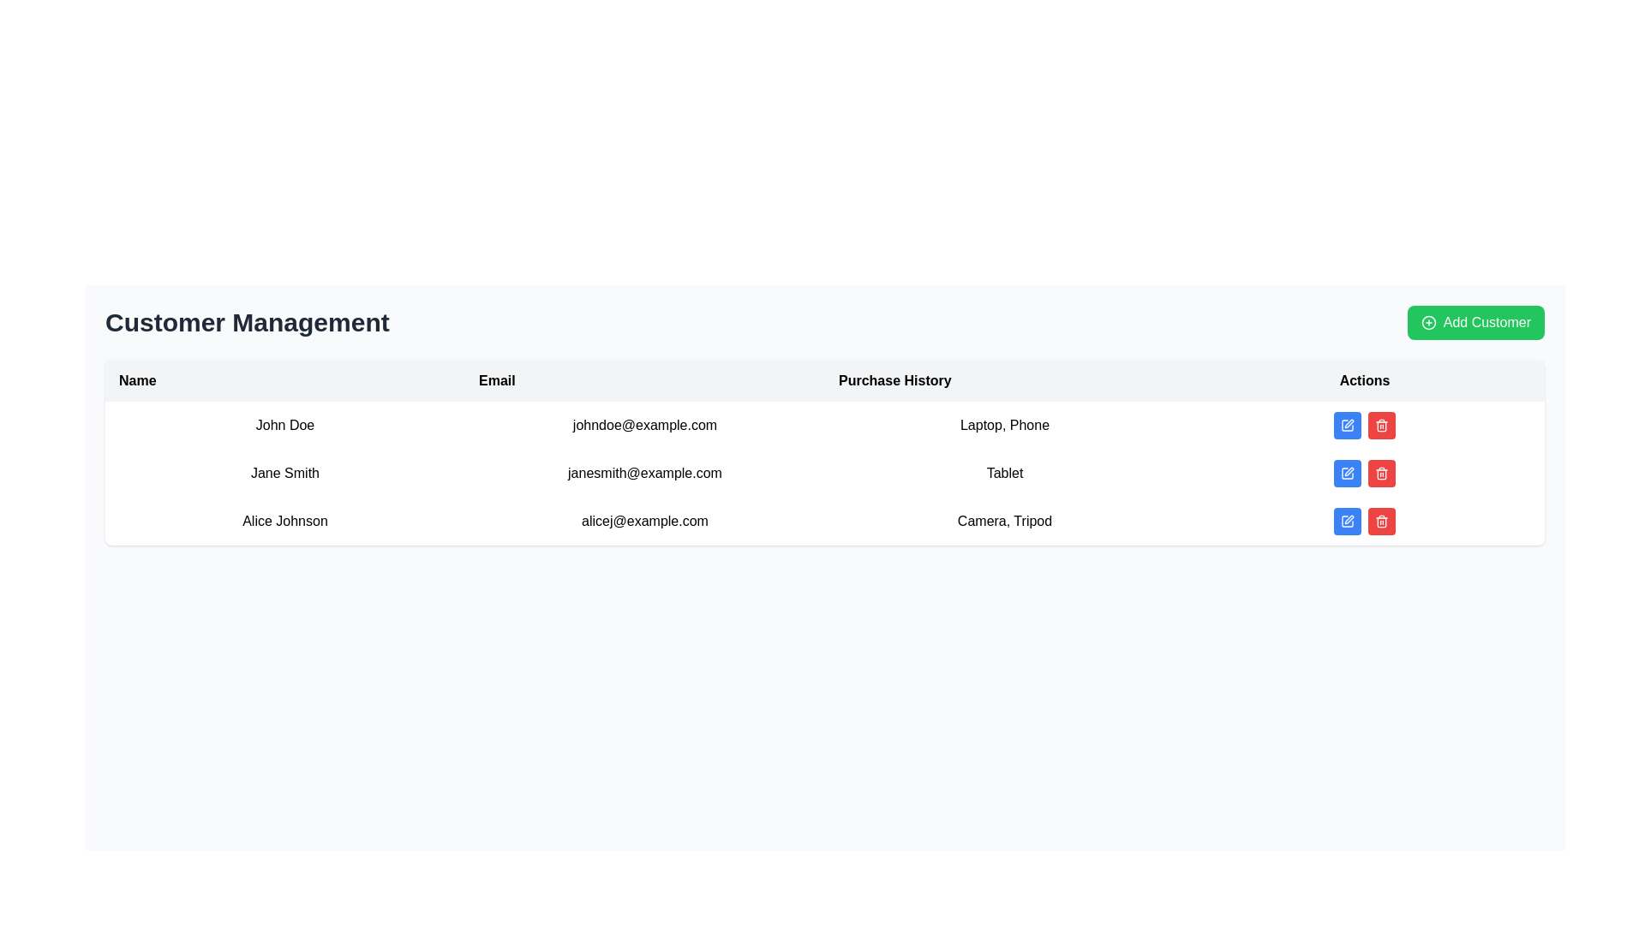 The width and height of the screenshot is (1645, 925). What do you see at coordinates (1348, 518) in the screenshot?
I see `the edit button located in the first position of the third row within the 'Actions' column of the table to modify its associated data` at bounding box center [1348, 518].